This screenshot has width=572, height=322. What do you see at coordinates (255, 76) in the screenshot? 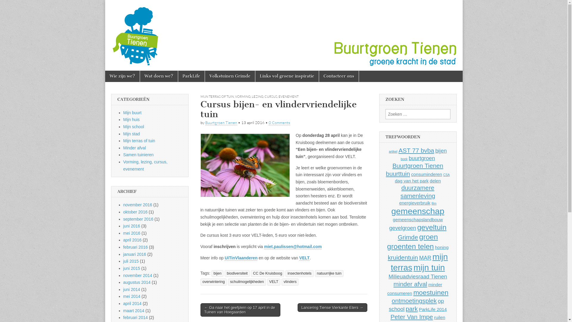
I see `'Links vol groene inspiratie'` at bounding box center [255, 76].